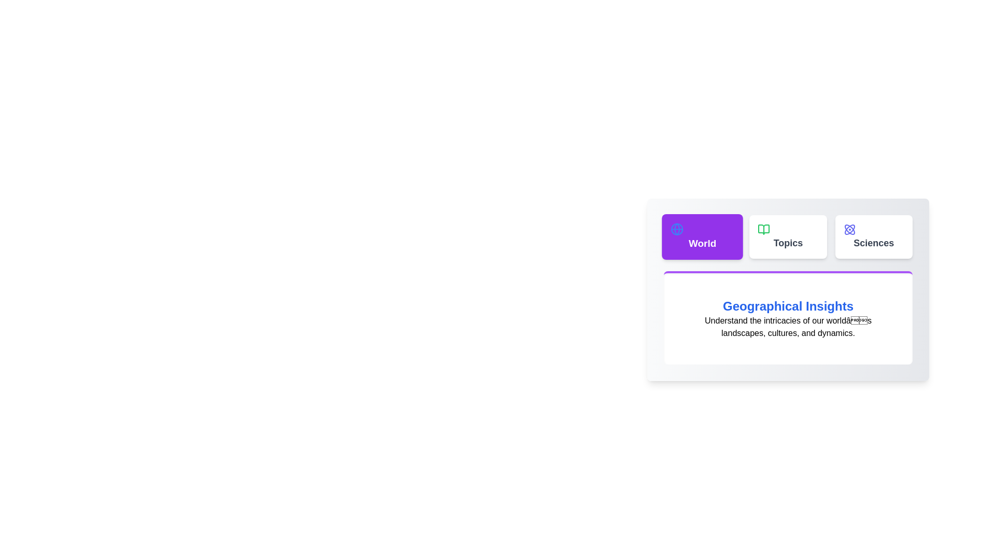  What do you see at coordinates (702, 236) in the screenshot?
I see `the tab labeled World to preview its interaction` at bounding box center [702, 236].